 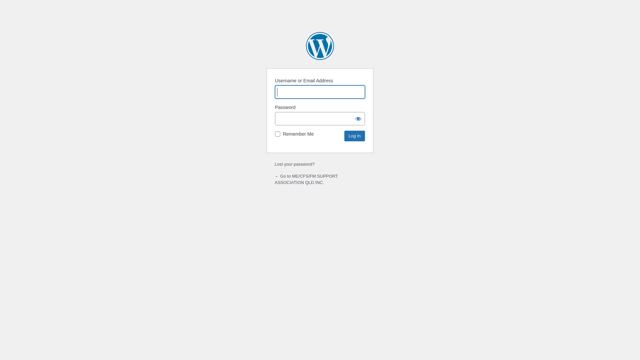 I want to click on 'Powered by WordPress', so click(x=320, y=46).